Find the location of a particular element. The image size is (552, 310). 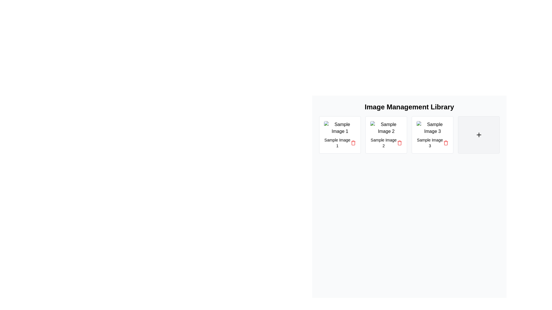

text content of the label 'Sample Image 1', which is a bold text component centered in the first card of a grid layout below the corresponding image is located at coordinates (340, 142).